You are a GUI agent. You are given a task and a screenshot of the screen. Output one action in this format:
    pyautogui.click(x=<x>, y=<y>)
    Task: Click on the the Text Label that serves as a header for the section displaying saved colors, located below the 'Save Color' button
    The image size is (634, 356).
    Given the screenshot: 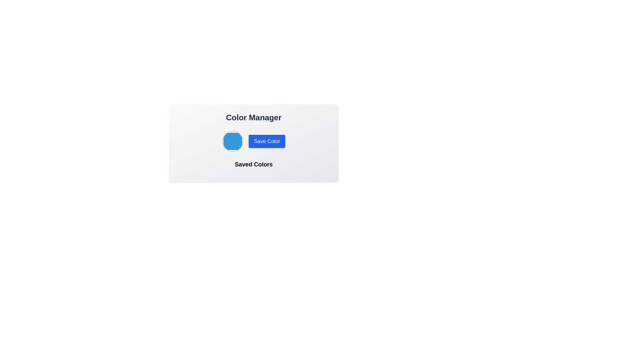 What is the action you would take?
    pyautogui.click(x=253, y=166)
    